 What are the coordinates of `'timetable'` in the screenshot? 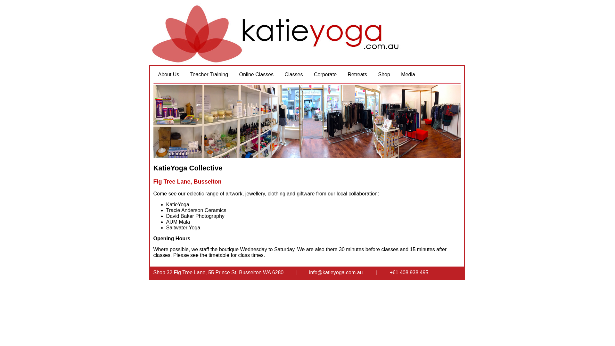 It's located at (219, 255).